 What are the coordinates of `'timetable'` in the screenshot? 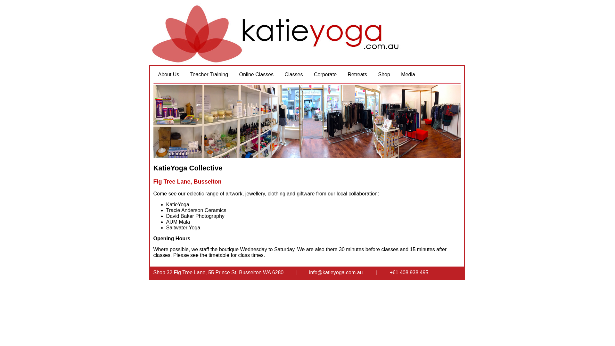 It's located at (219, 255).